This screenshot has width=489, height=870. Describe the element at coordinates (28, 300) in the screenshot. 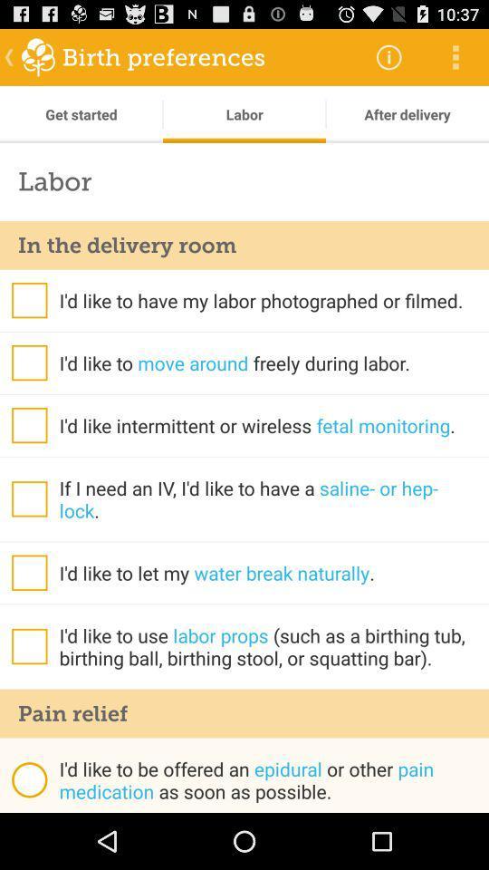

I see `option selection bar` at that location.